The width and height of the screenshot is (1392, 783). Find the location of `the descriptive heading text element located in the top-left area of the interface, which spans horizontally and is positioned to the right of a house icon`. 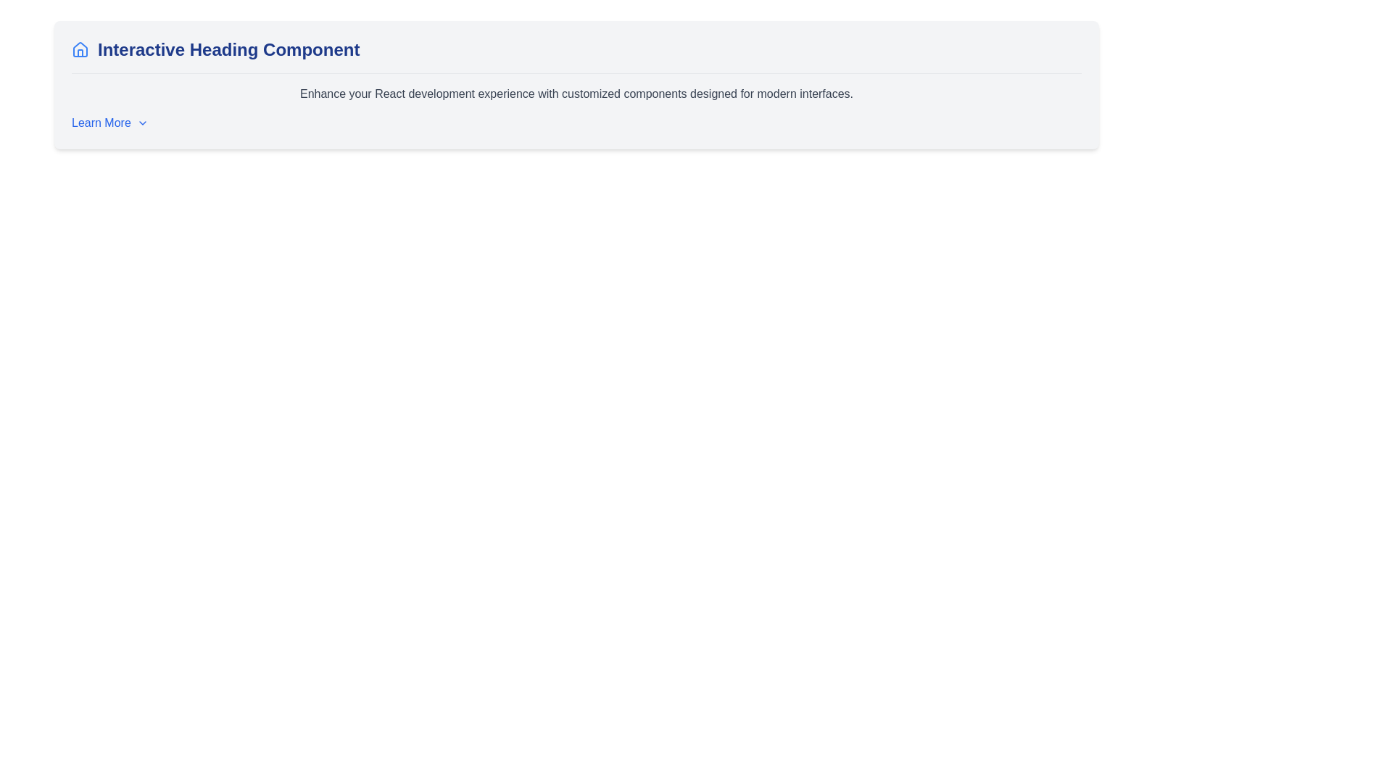

the descriptive heading text element located in the top-left area of the interface, which spans horizontally and is positioned to the right of a house icon is located at coordinates (228, 49).